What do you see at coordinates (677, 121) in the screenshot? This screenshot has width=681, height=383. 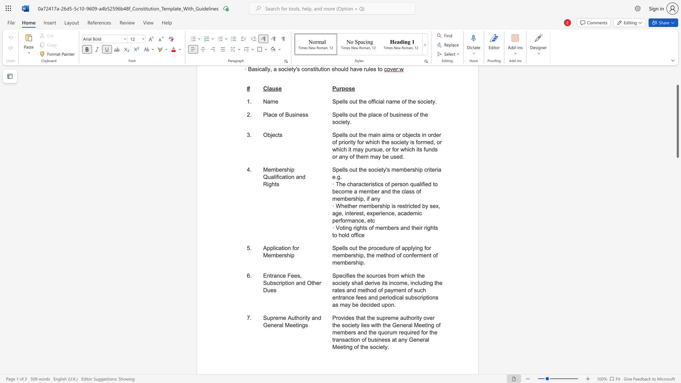 I see `the scrollbar and move down 290 pixels` at bounding box center [677, 121].